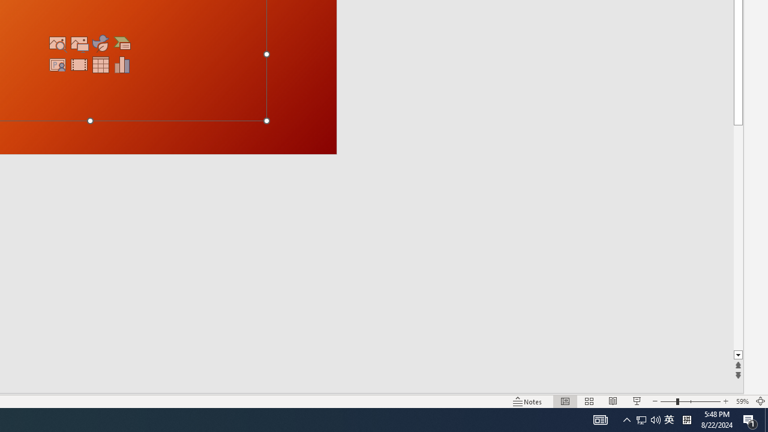  I want to click on 'Stock Images', so click(57, 43).